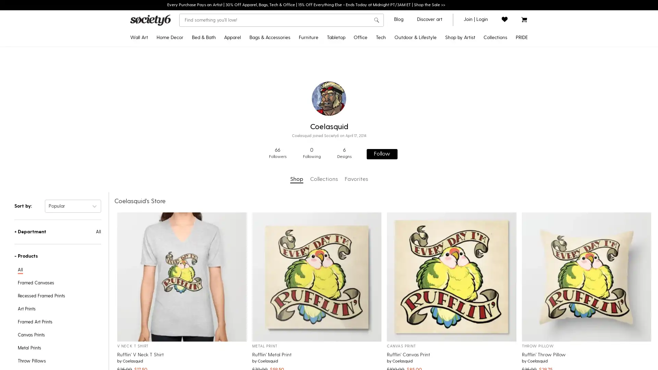 This screenshot has height=370, width=658. Describe the element at coordinates (424, 209) in the screenshot. I see `Sun Shades` at that location.